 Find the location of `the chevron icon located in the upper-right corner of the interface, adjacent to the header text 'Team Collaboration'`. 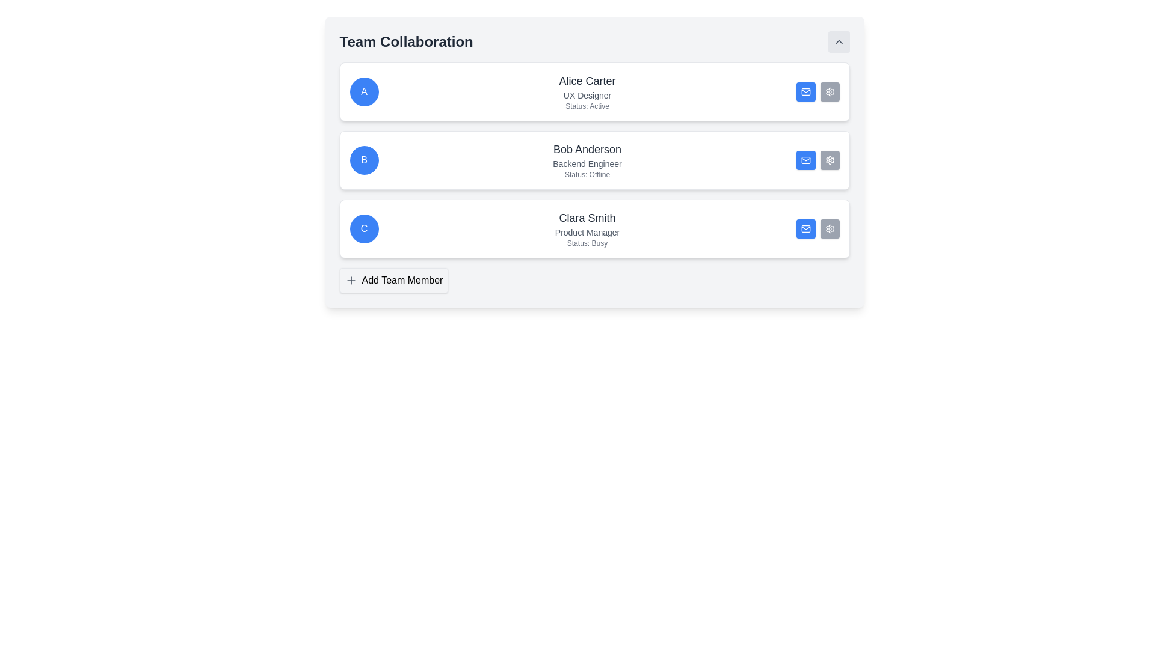

the chevron icon located in the upper-right corner of the interface, adjacent to the header text 'Team Collaboration' is located at coordinates (838, 41).